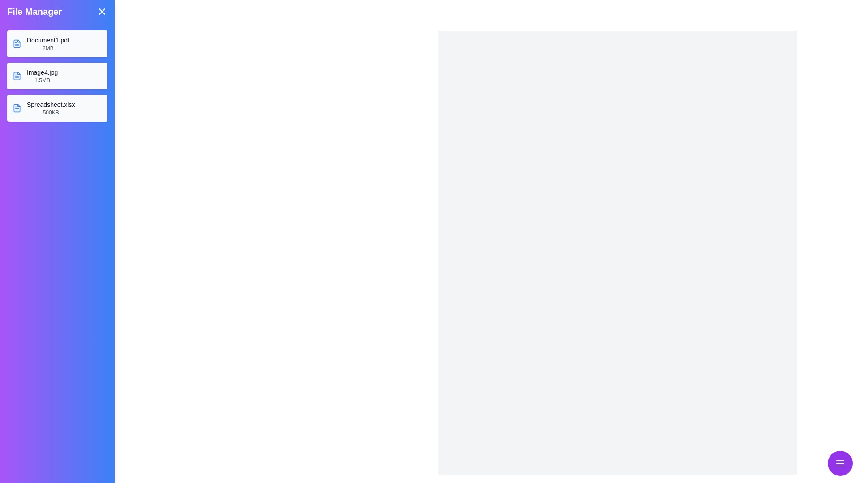 The height and width of the screenshot is (483, 860). I want to click on the document icon representing Document1.pdf, which is the leftmost item in its card layout adjacent to the document's name and size, so click(17, 43).